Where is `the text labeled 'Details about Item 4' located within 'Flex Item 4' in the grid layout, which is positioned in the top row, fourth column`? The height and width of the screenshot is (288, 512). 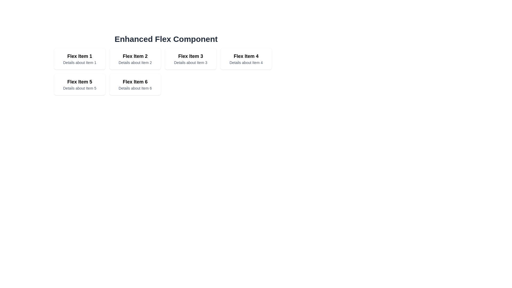
the text labeled 'Details about Item 4' located within 'Flex Item 4' in the grid layout, which is positioned in the top row, fourth column is located at coordinates (246, 62).